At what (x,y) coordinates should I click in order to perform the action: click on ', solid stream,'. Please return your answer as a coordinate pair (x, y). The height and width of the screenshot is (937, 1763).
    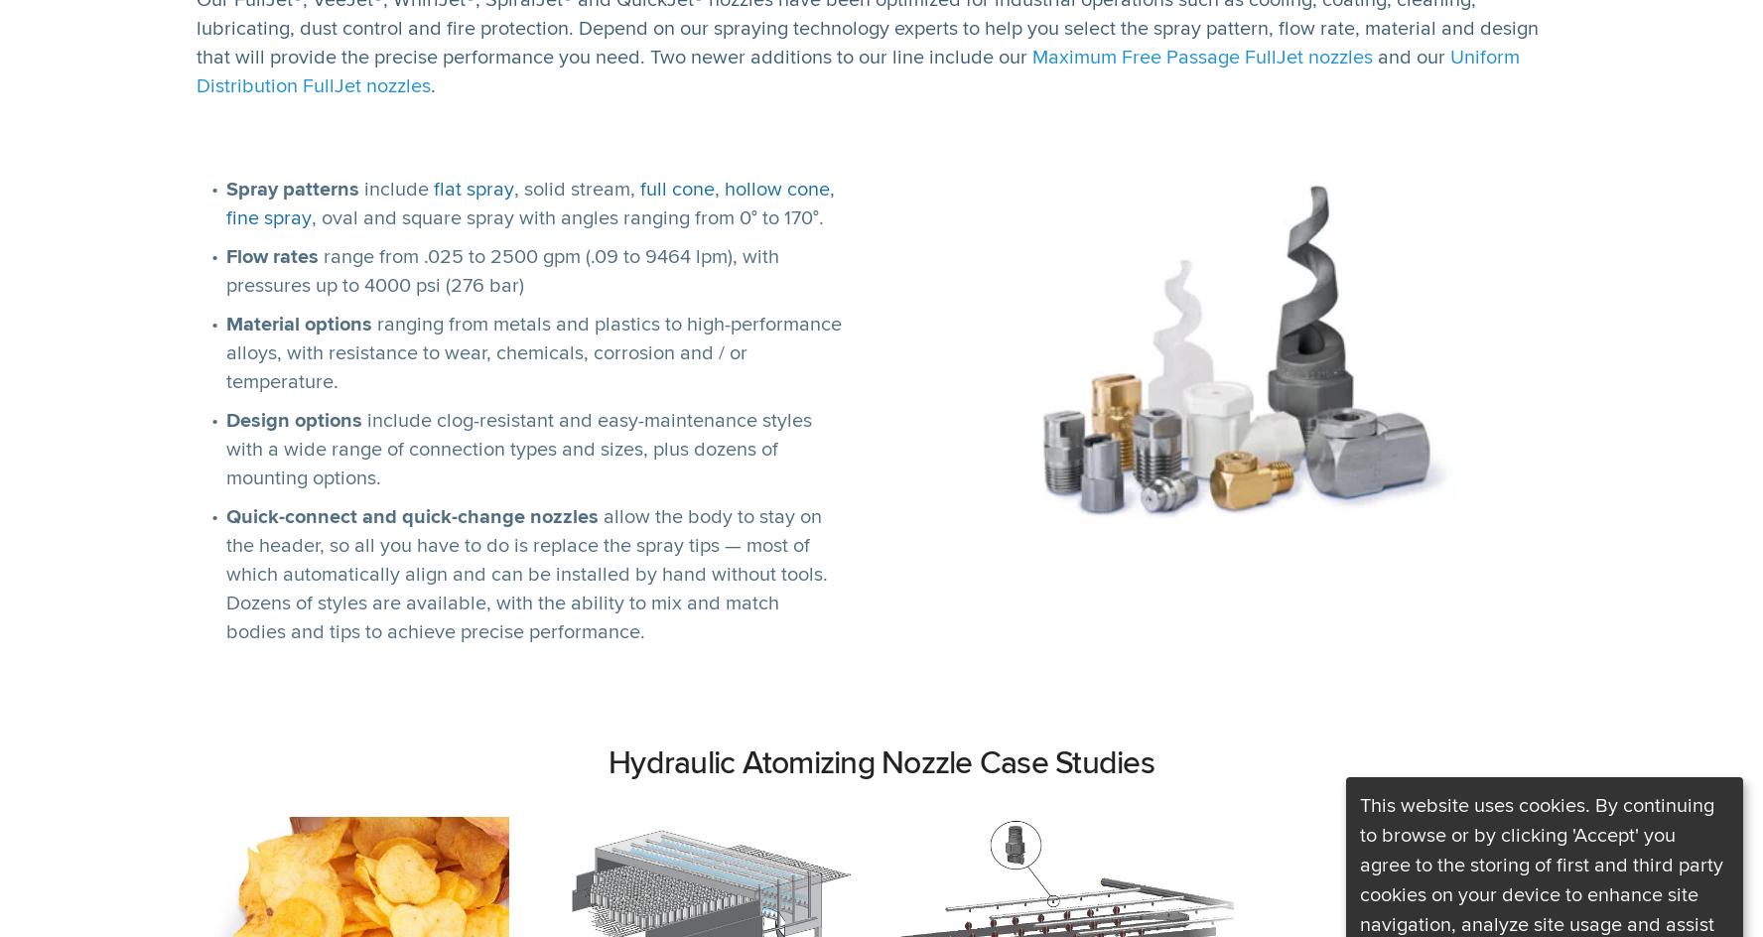
    Looking at the image, I should click on (513, 188).